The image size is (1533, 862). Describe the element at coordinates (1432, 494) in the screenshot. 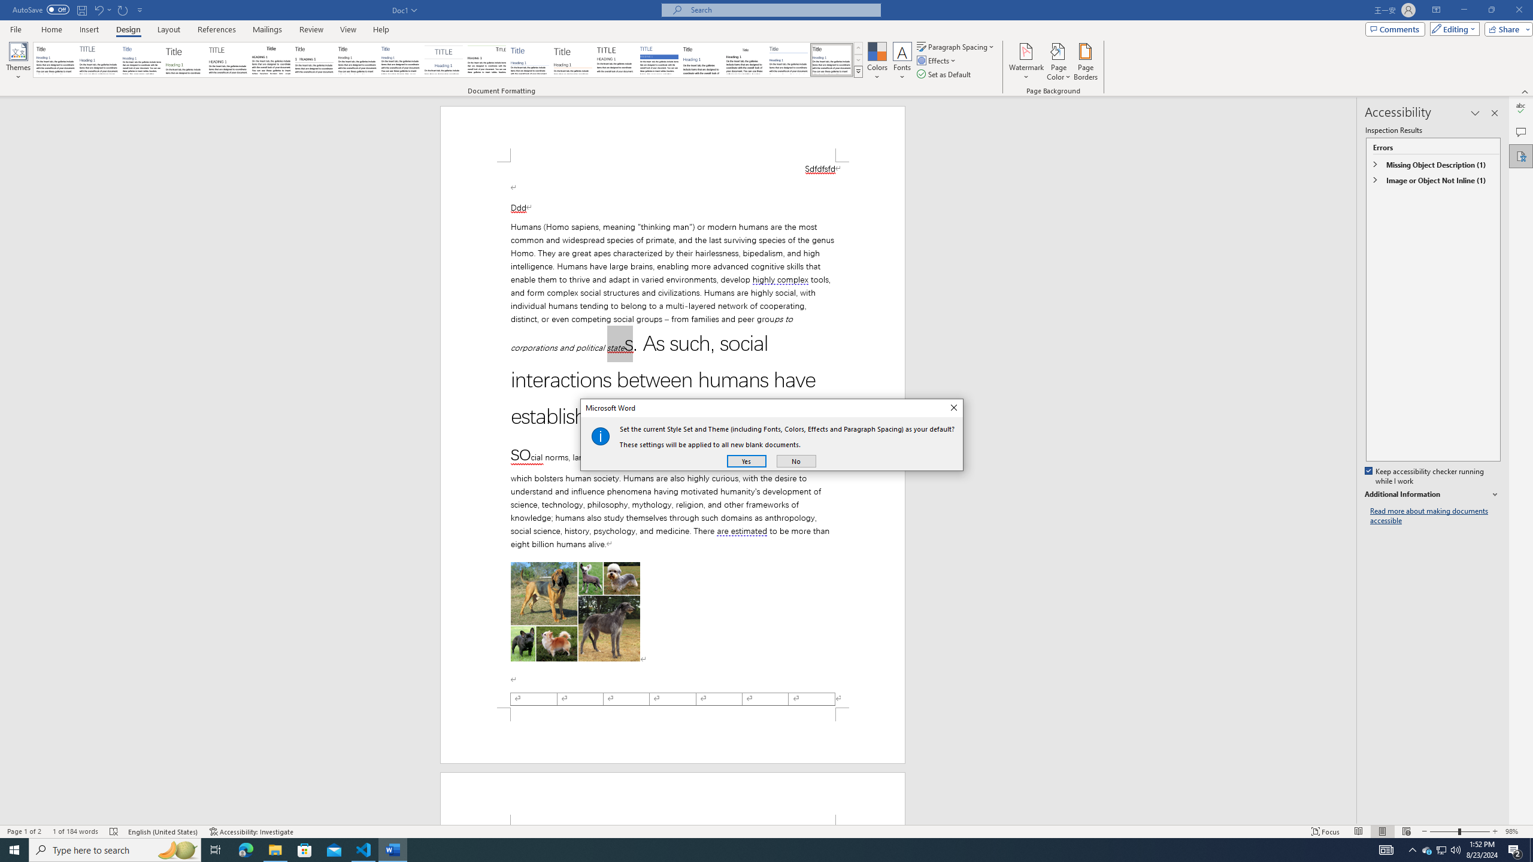

I see `'Additional Information'` at that location.